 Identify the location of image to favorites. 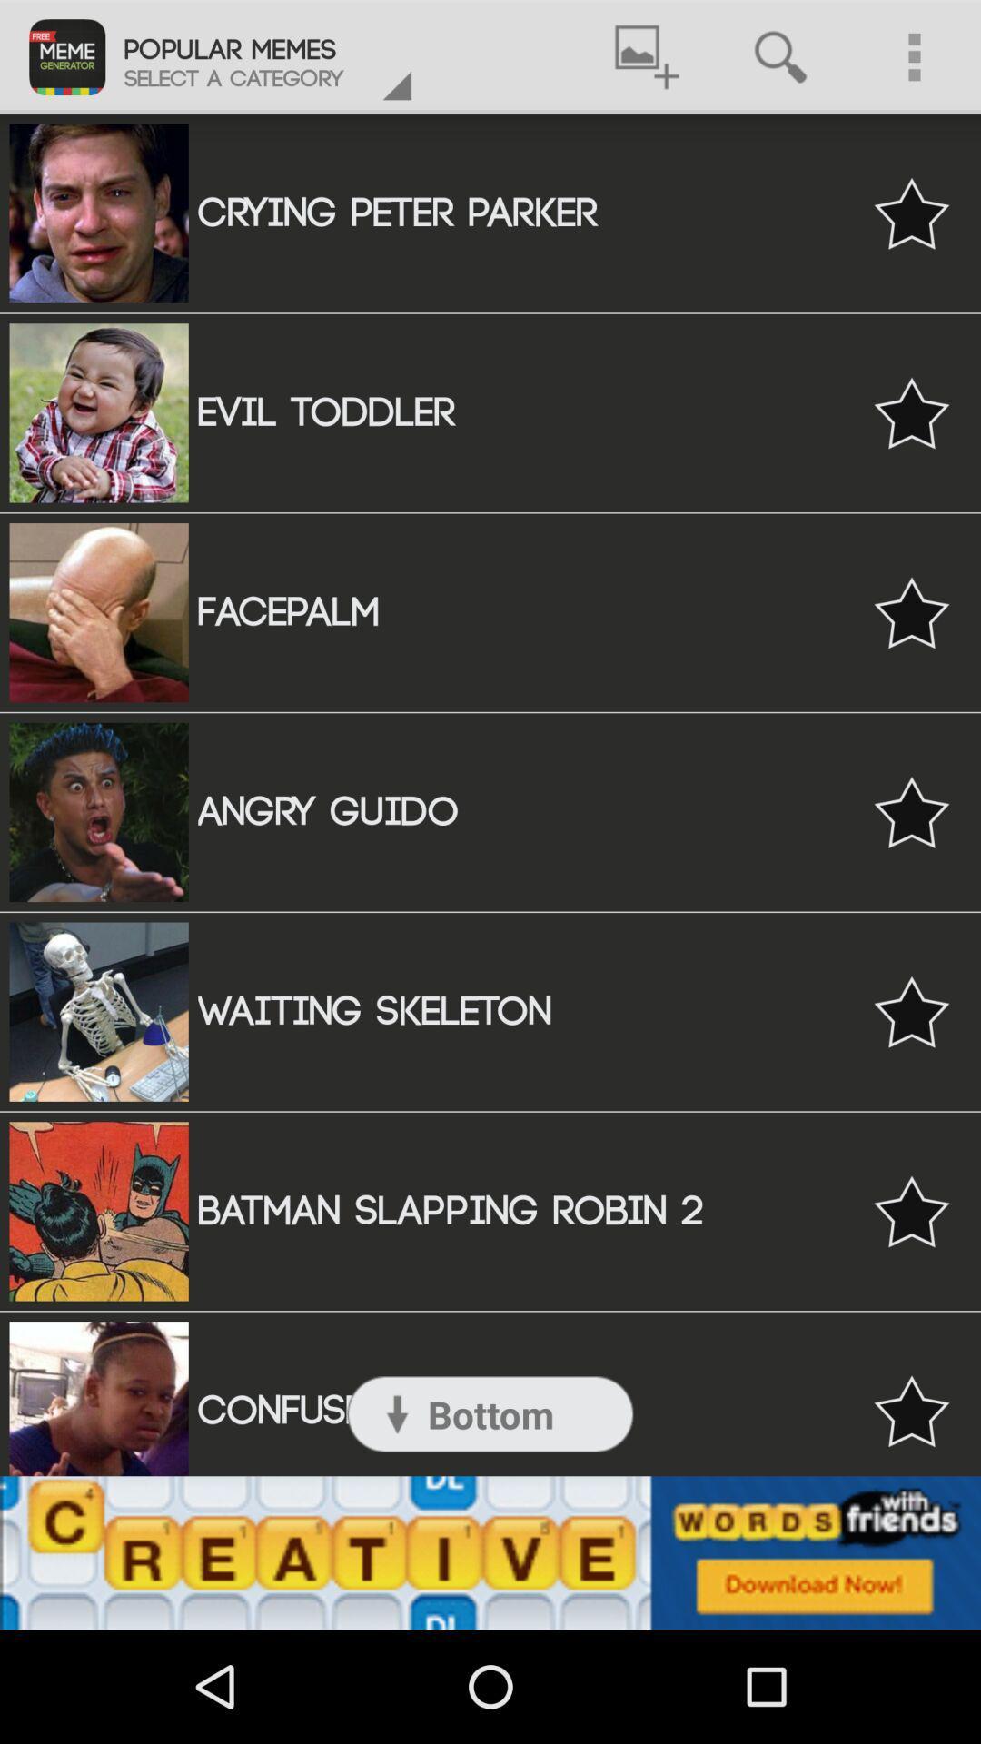
(911, 811).